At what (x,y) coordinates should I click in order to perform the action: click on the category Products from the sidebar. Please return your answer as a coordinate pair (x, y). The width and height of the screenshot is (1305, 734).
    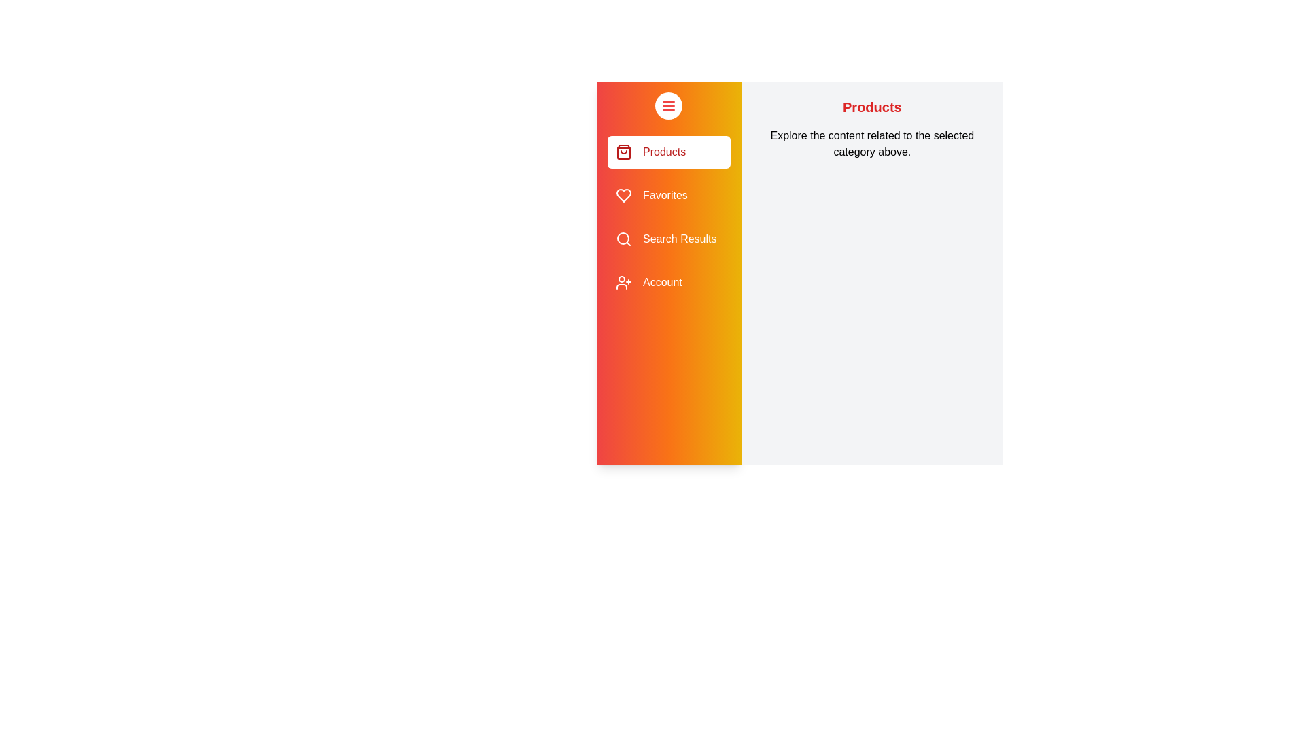
    Looking at the image, I should click on (668, 152).